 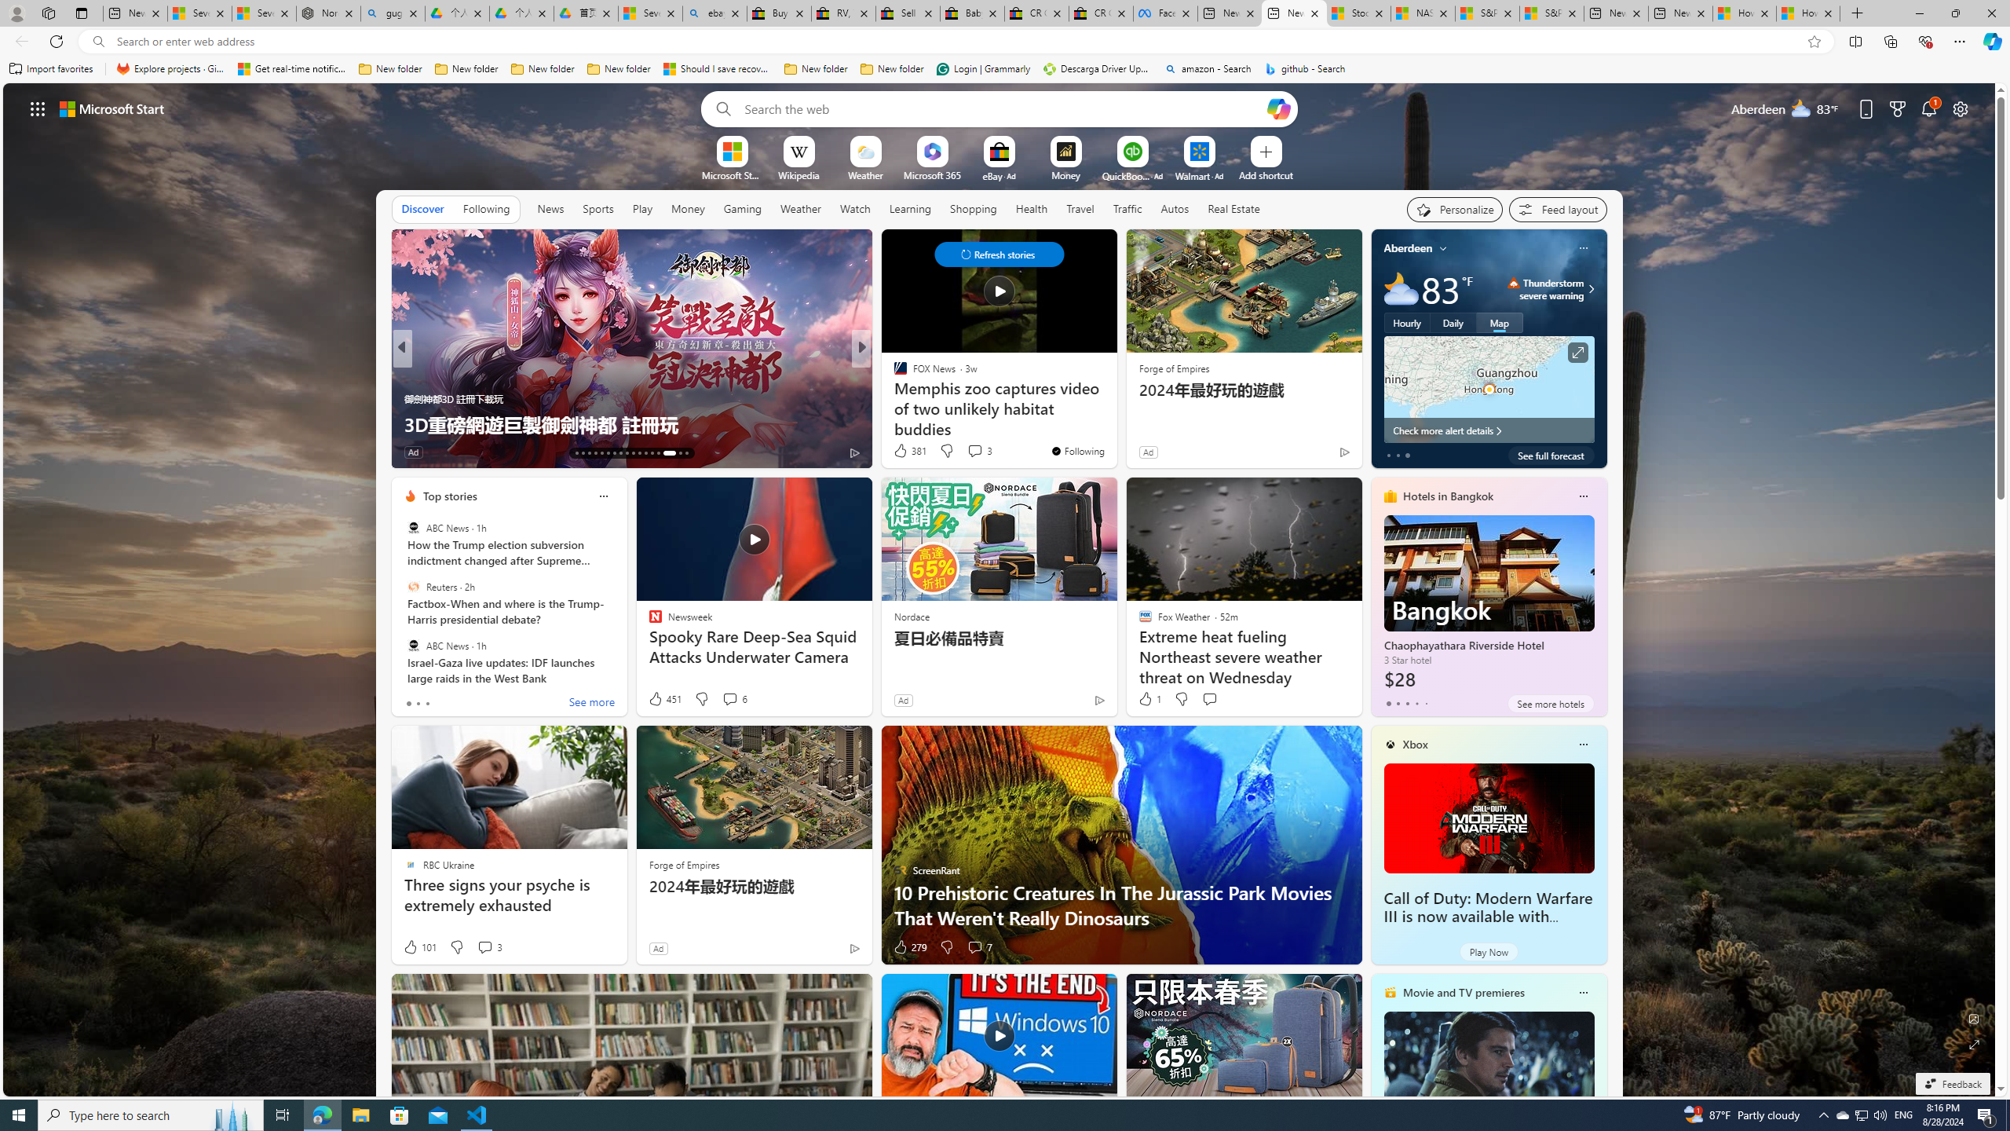 What do you see at coordinates (589, 453) in the screenshot?
I see `'AutomationID: tab-15'` at bounding box center [589, 453].